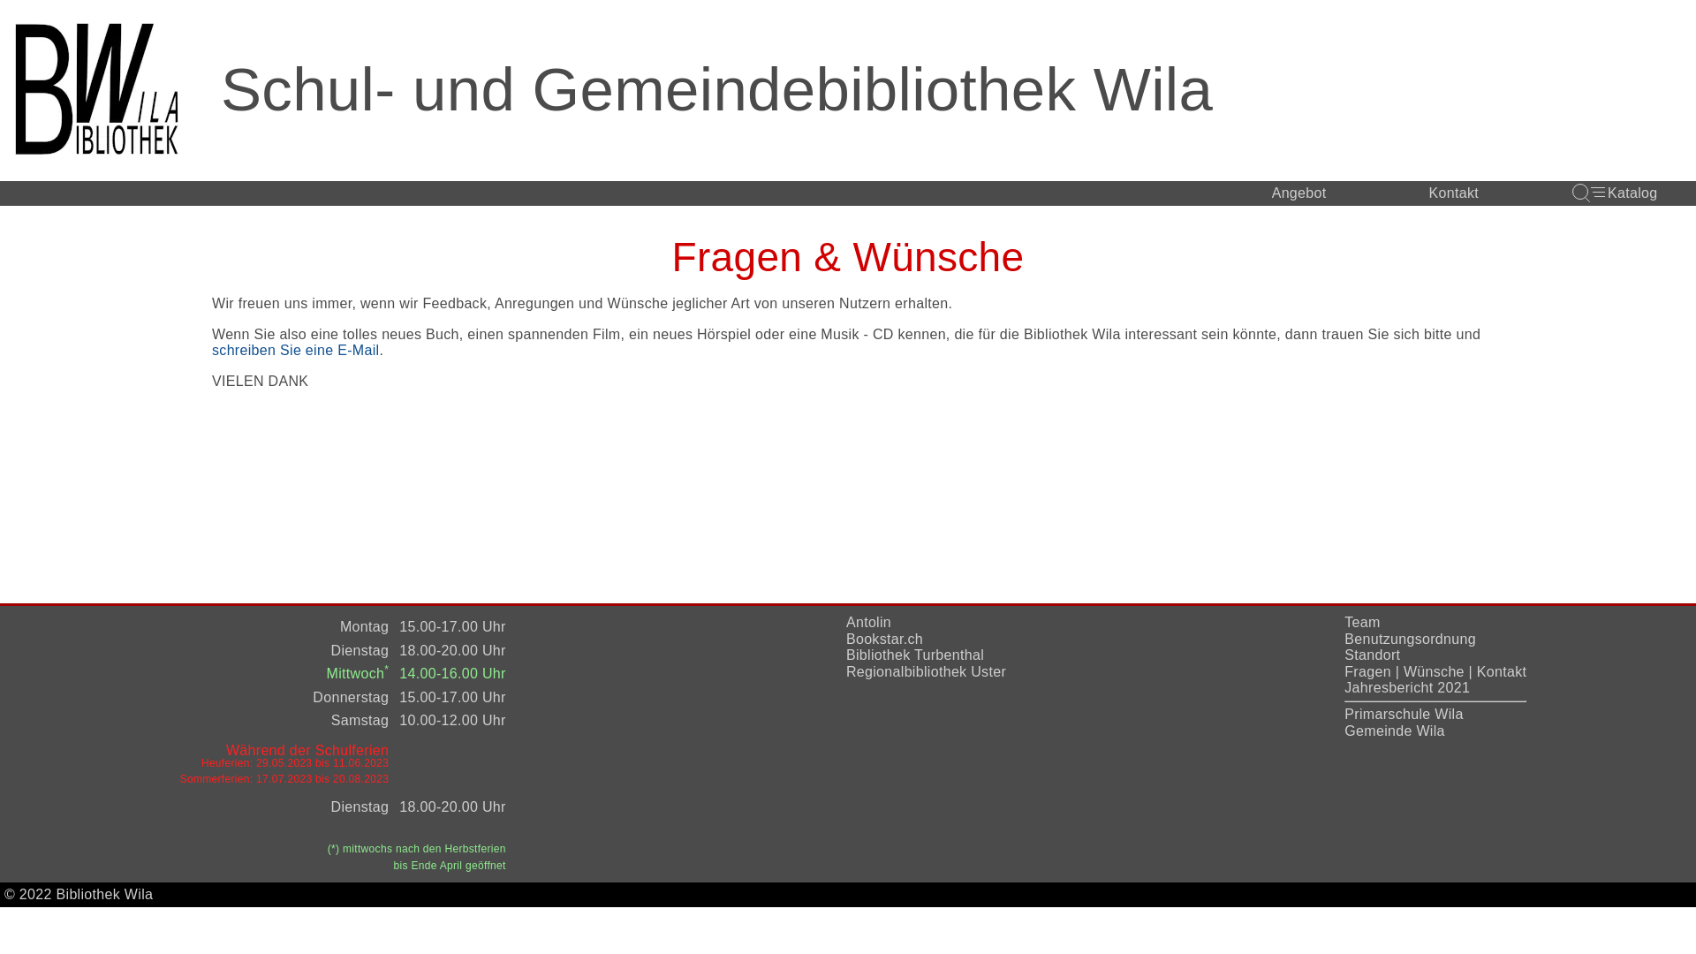 This screenshot has width=1696, height=954. I want to click on 'Bookstar.ch', so click(884, 639).